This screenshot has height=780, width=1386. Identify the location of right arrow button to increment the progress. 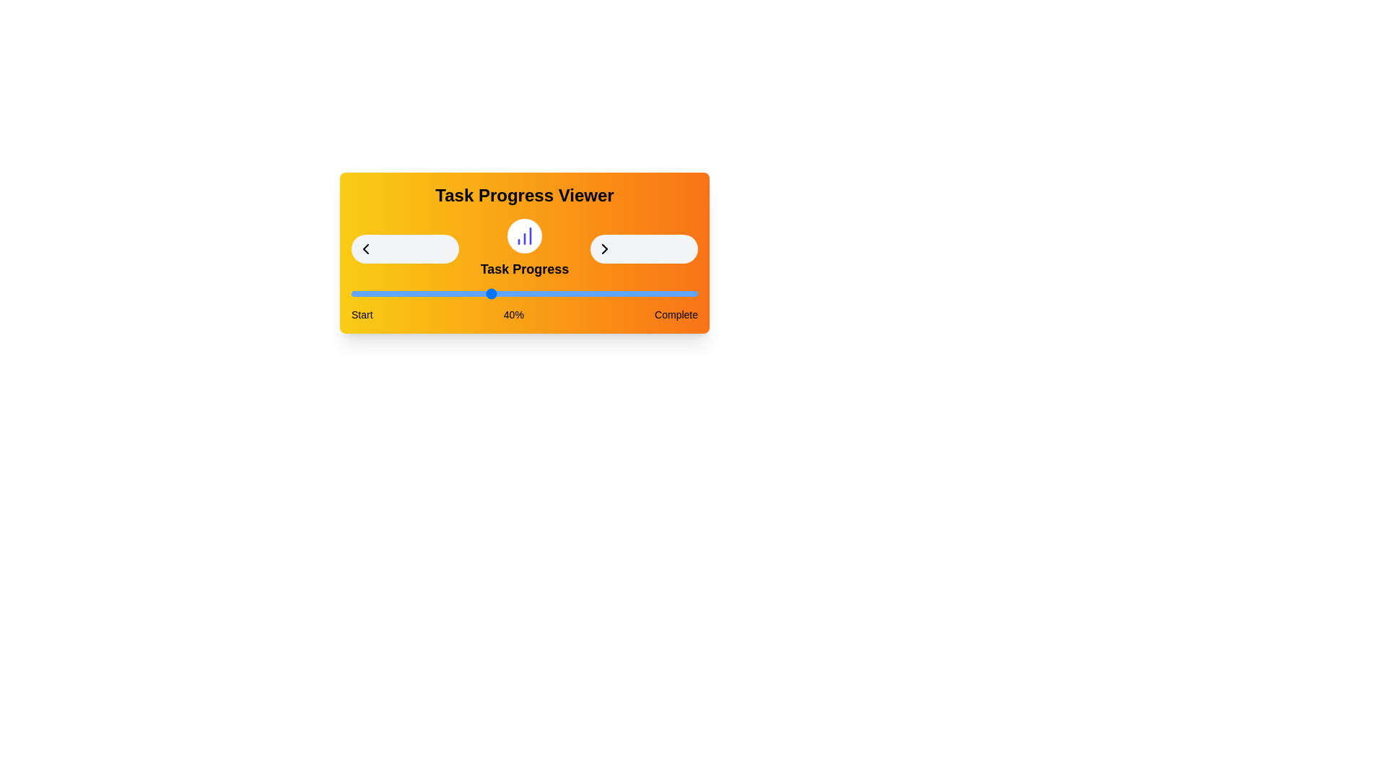
(643, 248).